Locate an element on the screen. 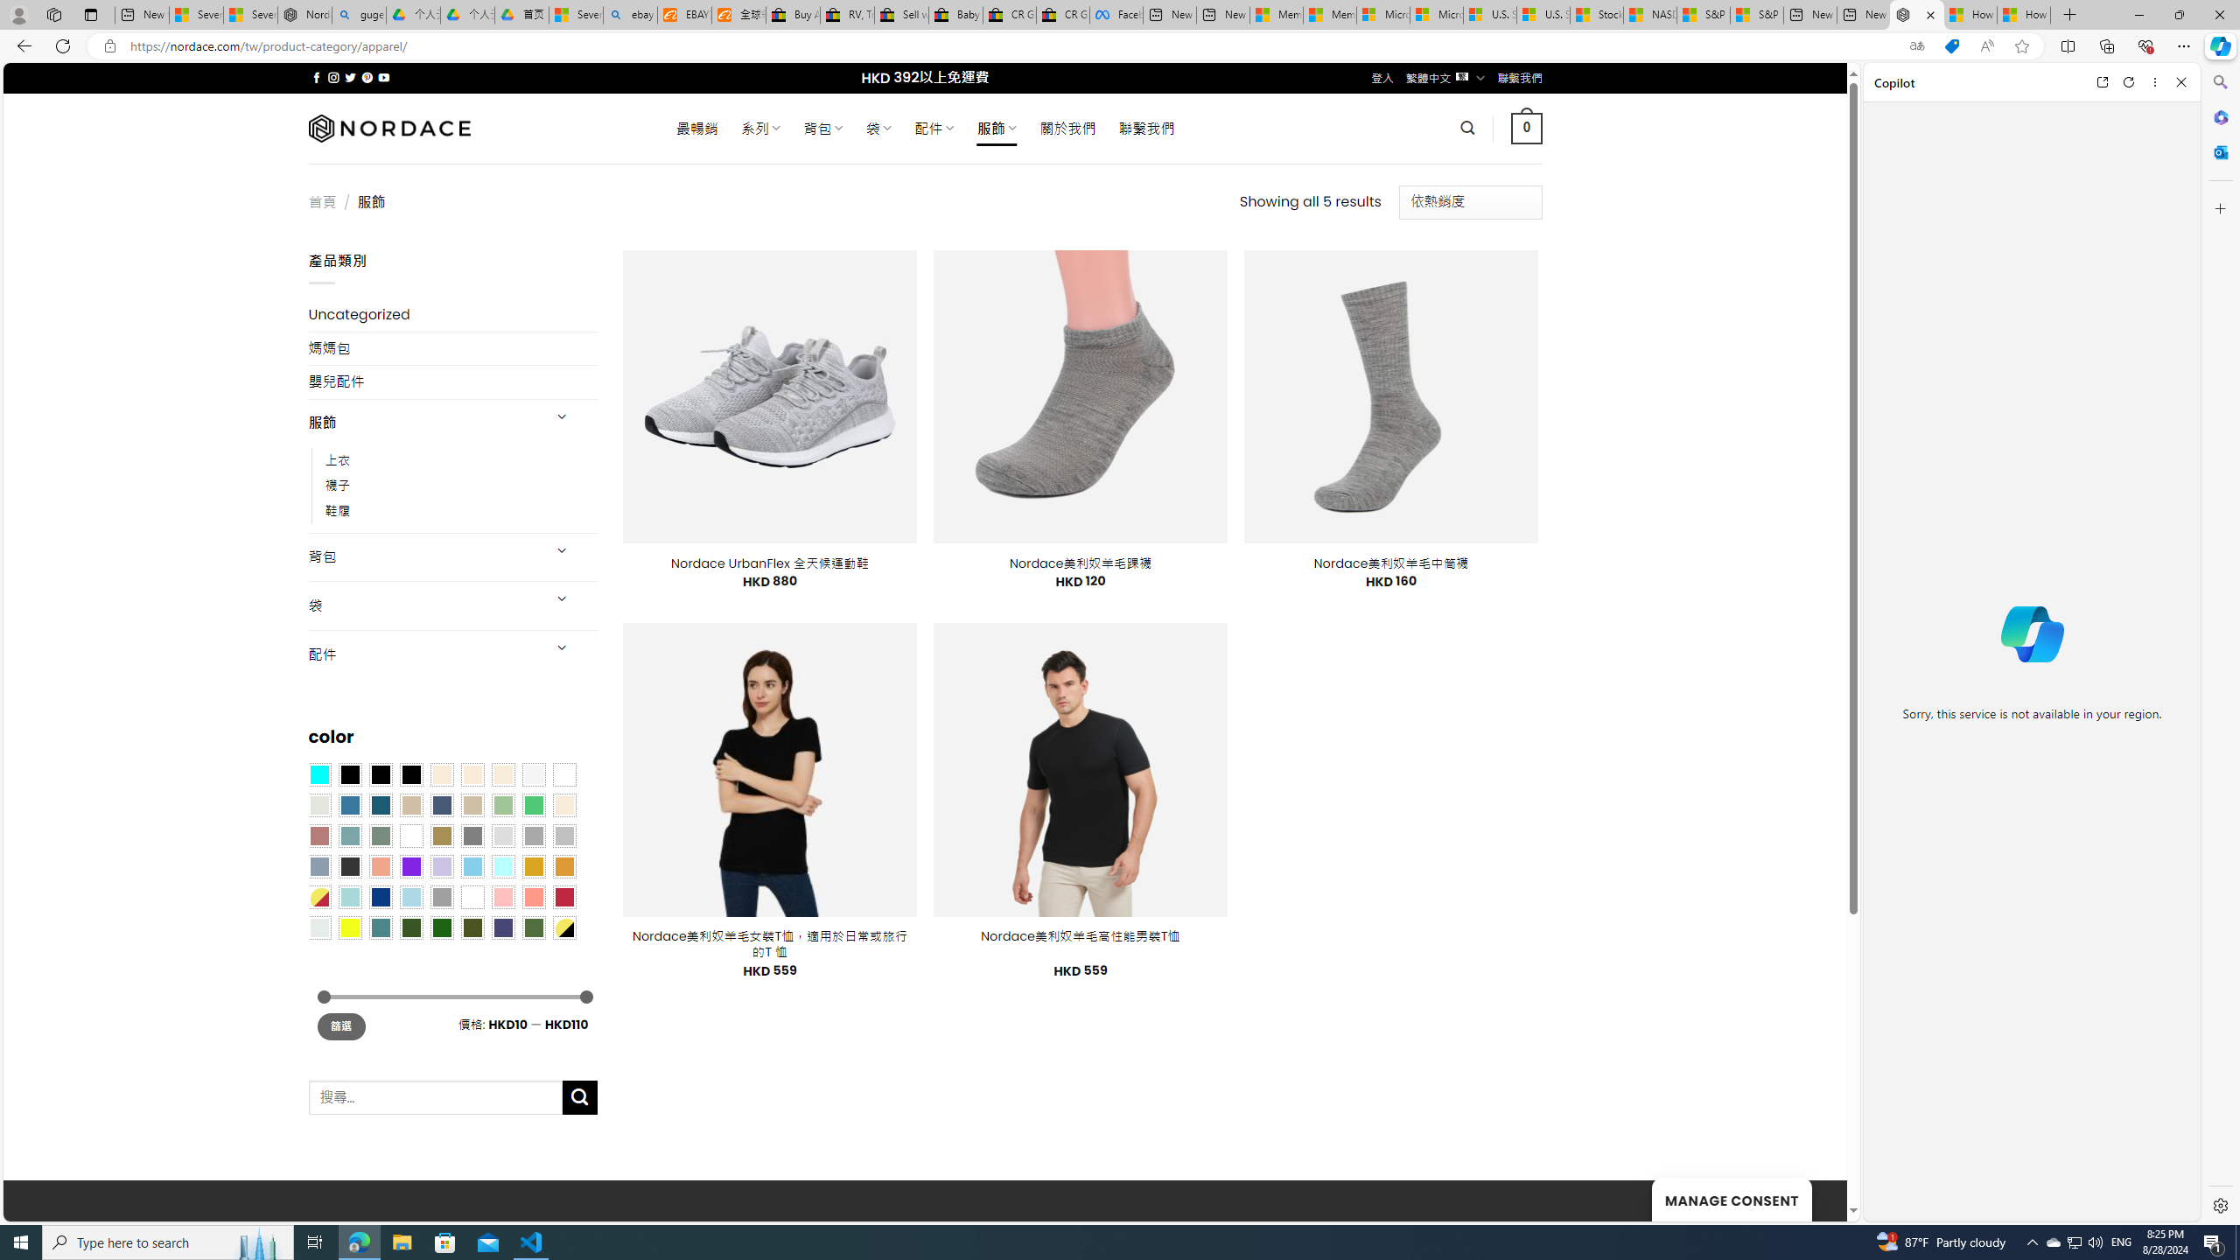 The image size is (2240, 1260). 'Follow on Twitter' is located at coordinates (349, 77).